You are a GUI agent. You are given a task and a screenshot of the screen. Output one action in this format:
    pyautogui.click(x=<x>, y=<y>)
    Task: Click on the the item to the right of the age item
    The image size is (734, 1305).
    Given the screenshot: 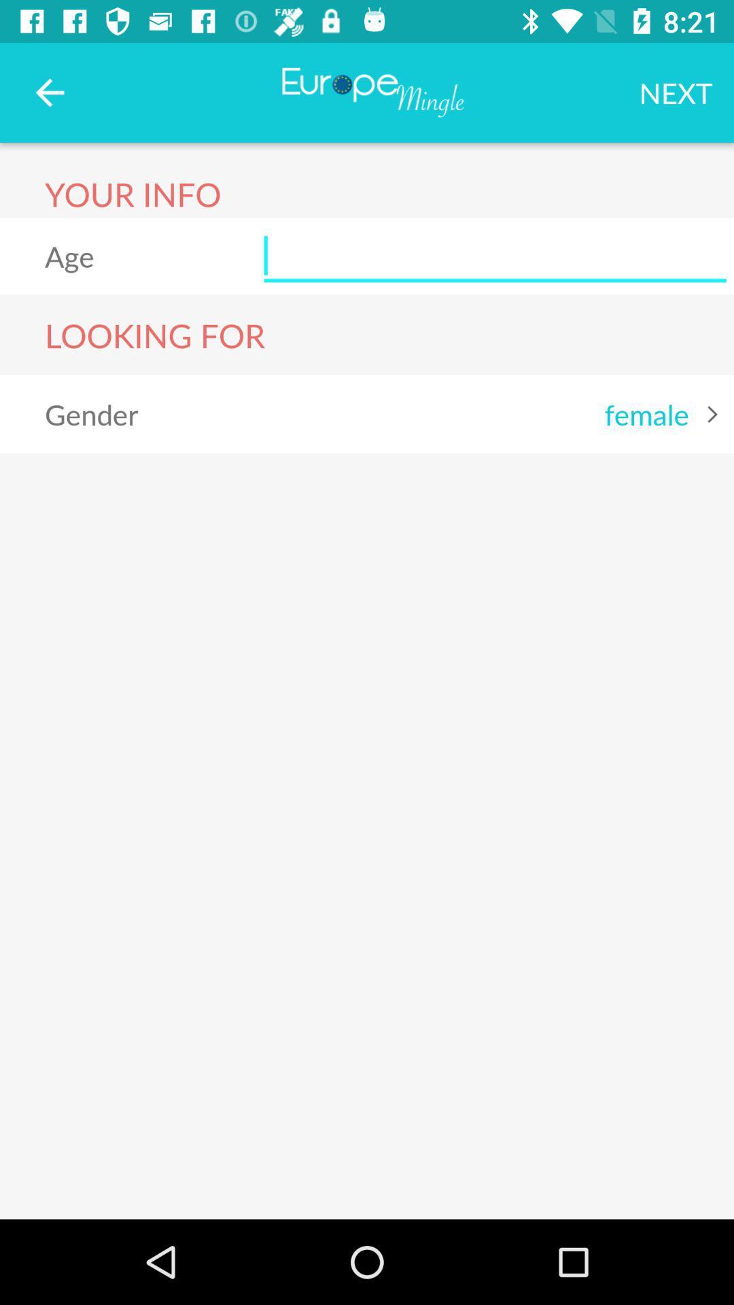 What is the action you would take?
    pyautogui.click(x=495, y=256)
    